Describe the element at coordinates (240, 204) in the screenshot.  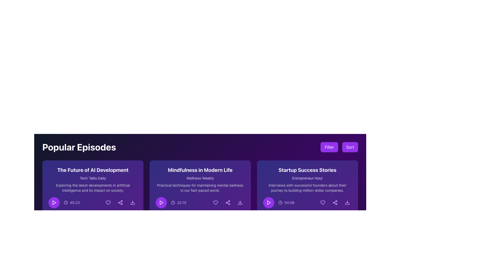
I see `the rectangular red download icon located at the bottom right corner of the 'Mindfulness in Modern Life' card, which is situated directly to the right of the 'share' icon` at that location.